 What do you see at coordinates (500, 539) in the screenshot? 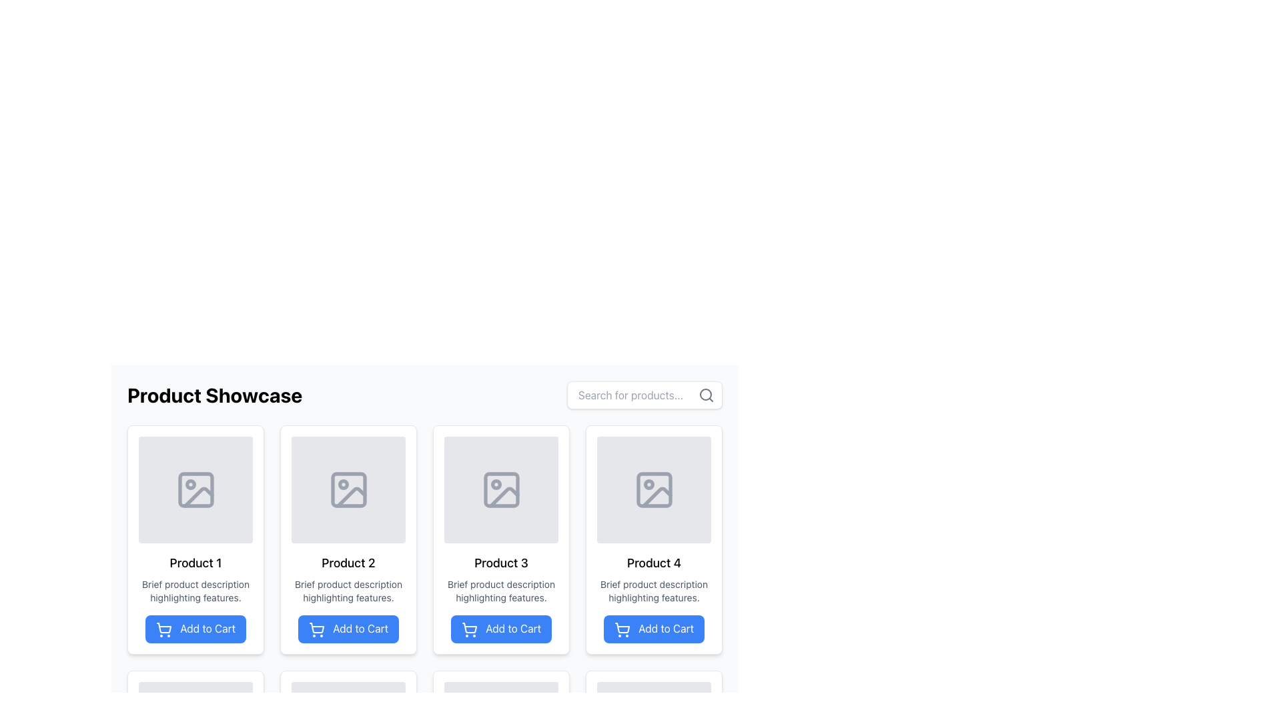
I see `the third product card in the top row of the grid layout, which is located below the 'Product Showcase' header` at bounding box center [500, 539].